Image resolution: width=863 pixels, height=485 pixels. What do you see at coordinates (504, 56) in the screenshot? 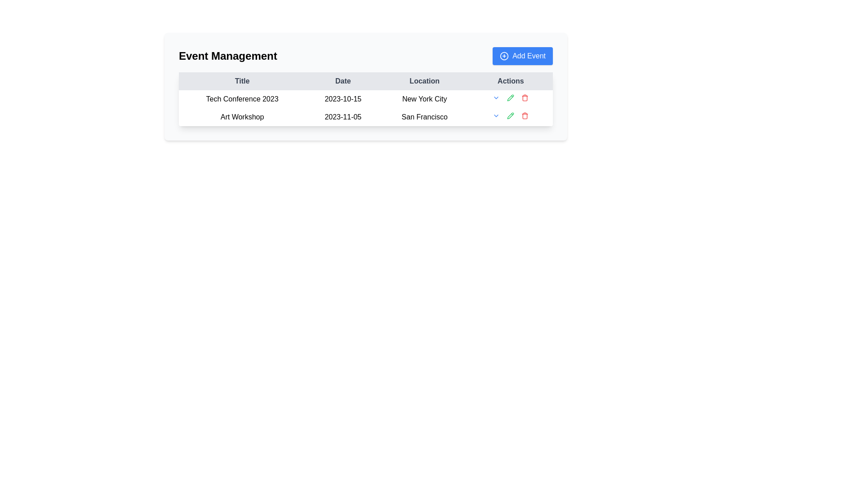
I see `the 'Add' icon located to the left of the 'Add Event' text label` at bounding box center [504, 56].